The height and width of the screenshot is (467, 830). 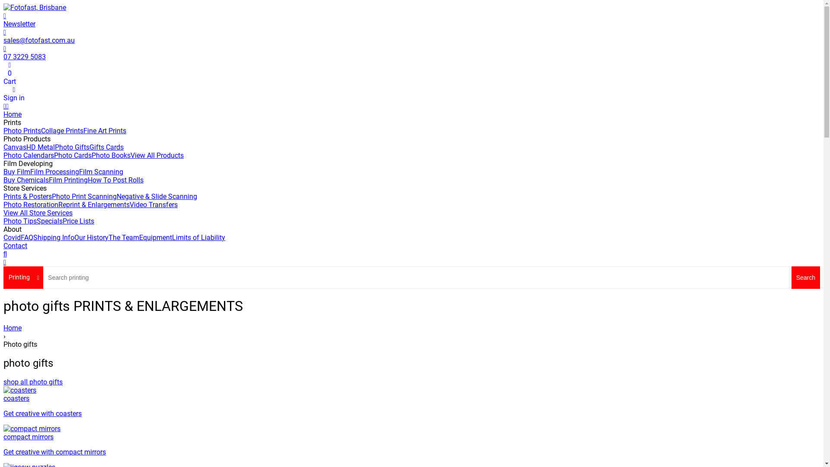 What do you see at coordinates (108, 237) in the screenshot?
I see `'The Team'` at bounding box center [108, 237].